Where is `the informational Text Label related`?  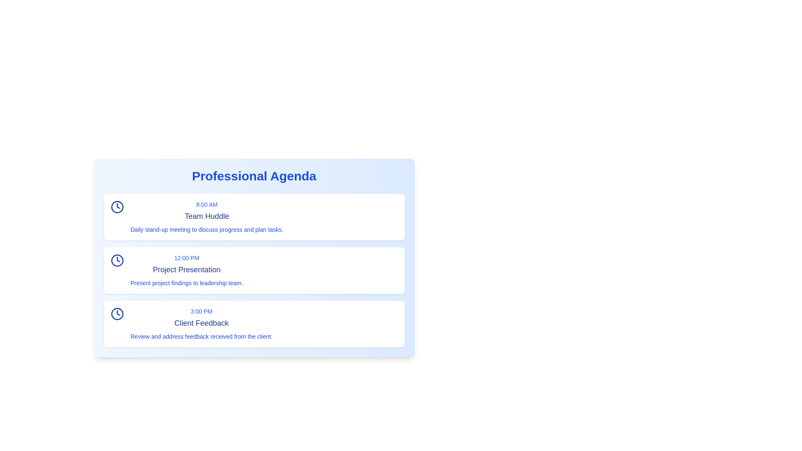 the informational Text Label related is located at coordinates (186, 283).